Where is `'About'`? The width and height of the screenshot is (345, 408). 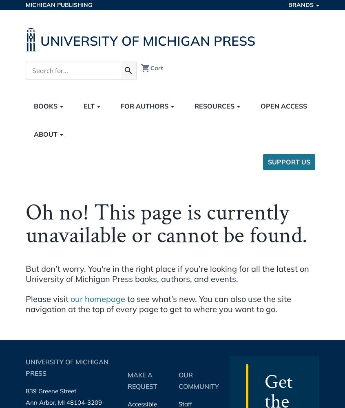
'About' is located at coordinates (46, 134).